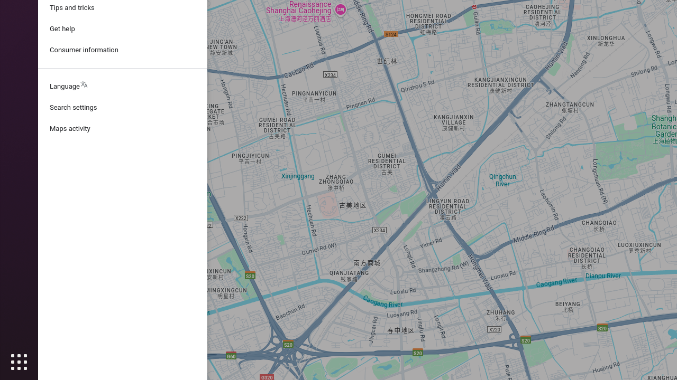  I want to click on 'Maps activity', so click(122, 128).